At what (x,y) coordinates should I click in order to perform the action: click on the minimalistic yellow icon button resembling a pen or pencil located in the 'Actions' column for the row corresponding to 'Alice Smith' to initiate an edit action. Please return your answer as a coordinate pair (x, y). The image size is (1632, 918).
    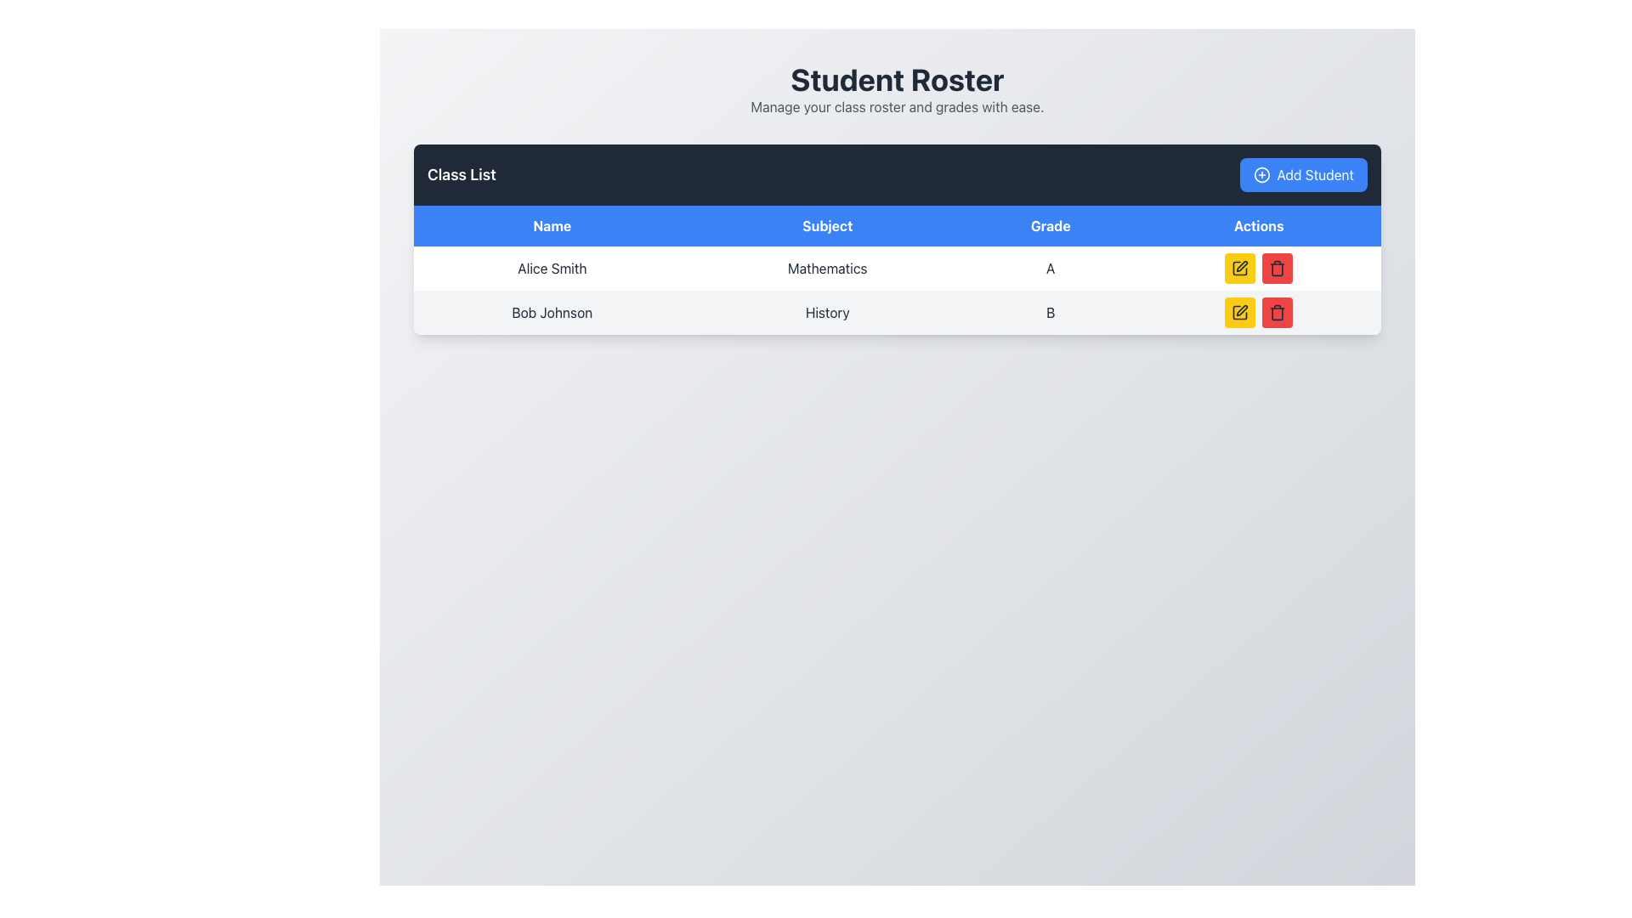
    Looking at the image, I should click on (1242, 266).